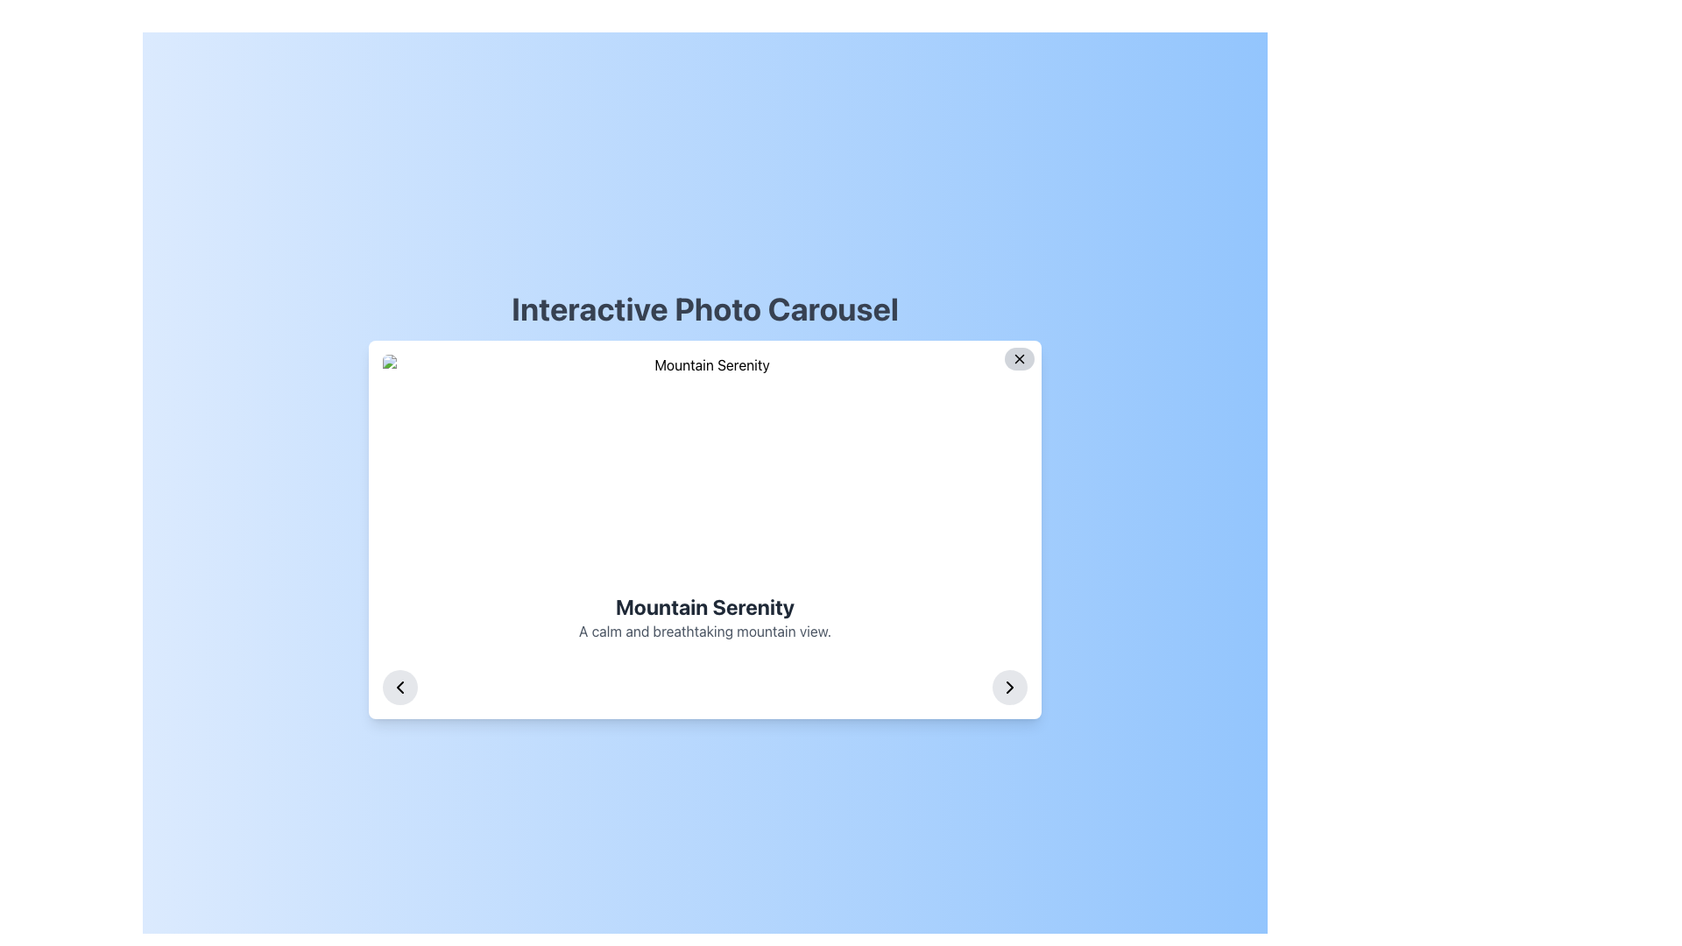 The image size is (1682, 946). I want to click on the right-facing chevron icon located within a circular button at the bottom-right corner of the 'Interactive Photo Carousel' panel, so click(1009, 687).